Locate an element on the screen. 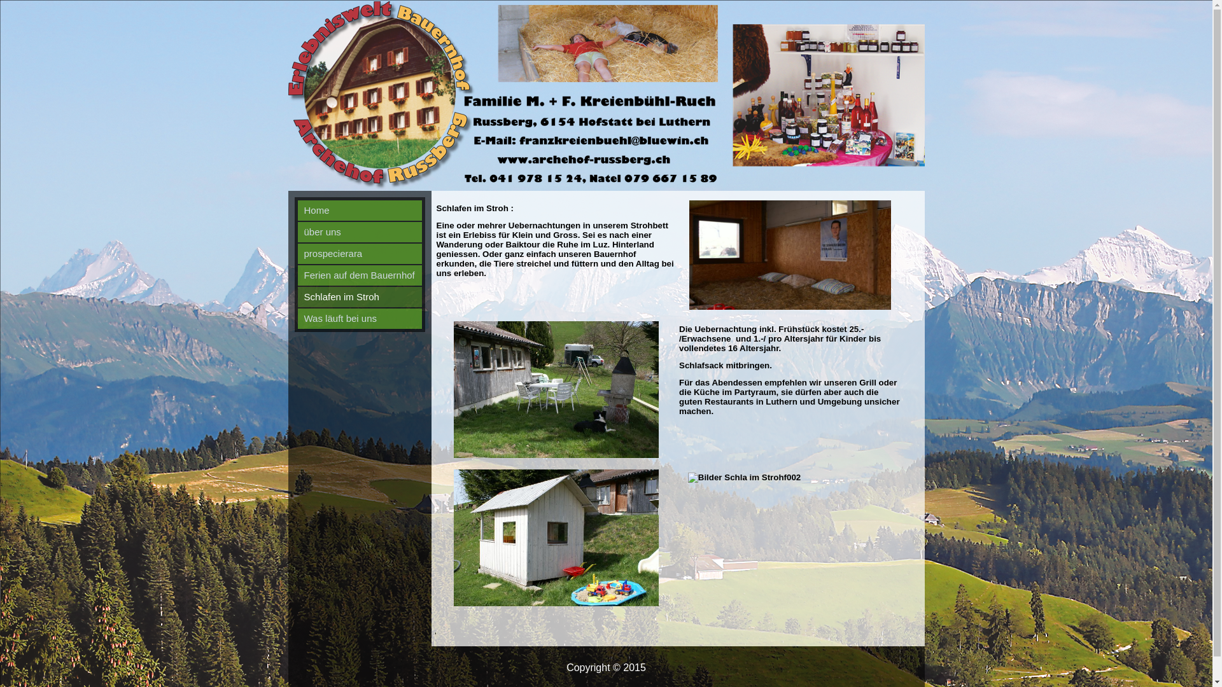  'Ferien auf dem Bauernhof' is located at coordinates (359, 274).